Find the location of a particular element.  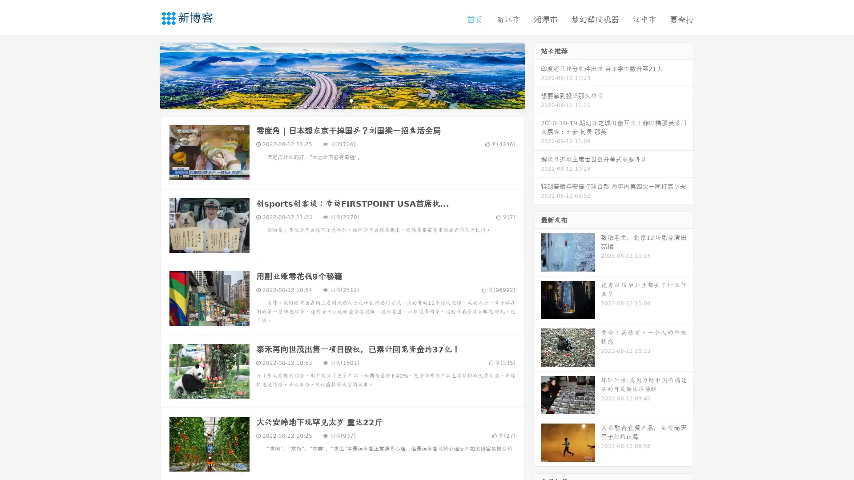

Next slide is located at coordinates (537, 75).